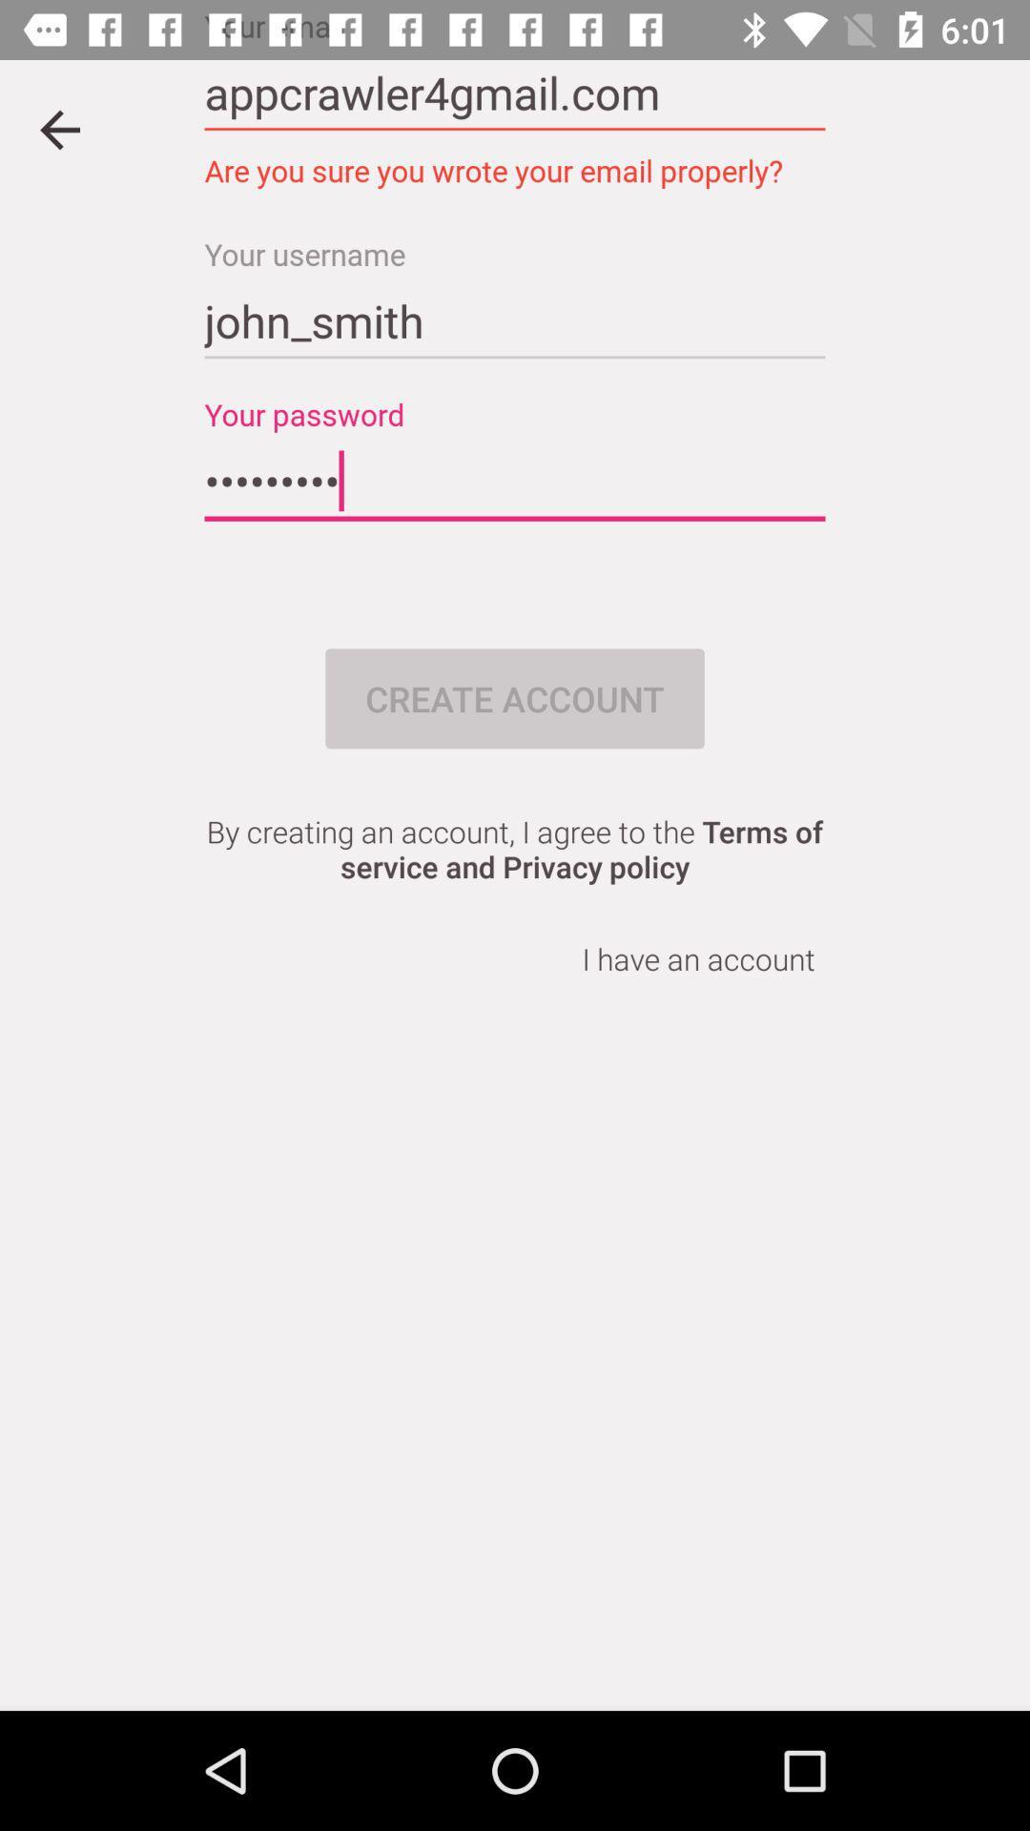 This screenshot has height=1831, width=1030. I want to click on back button, so click(58, 129).